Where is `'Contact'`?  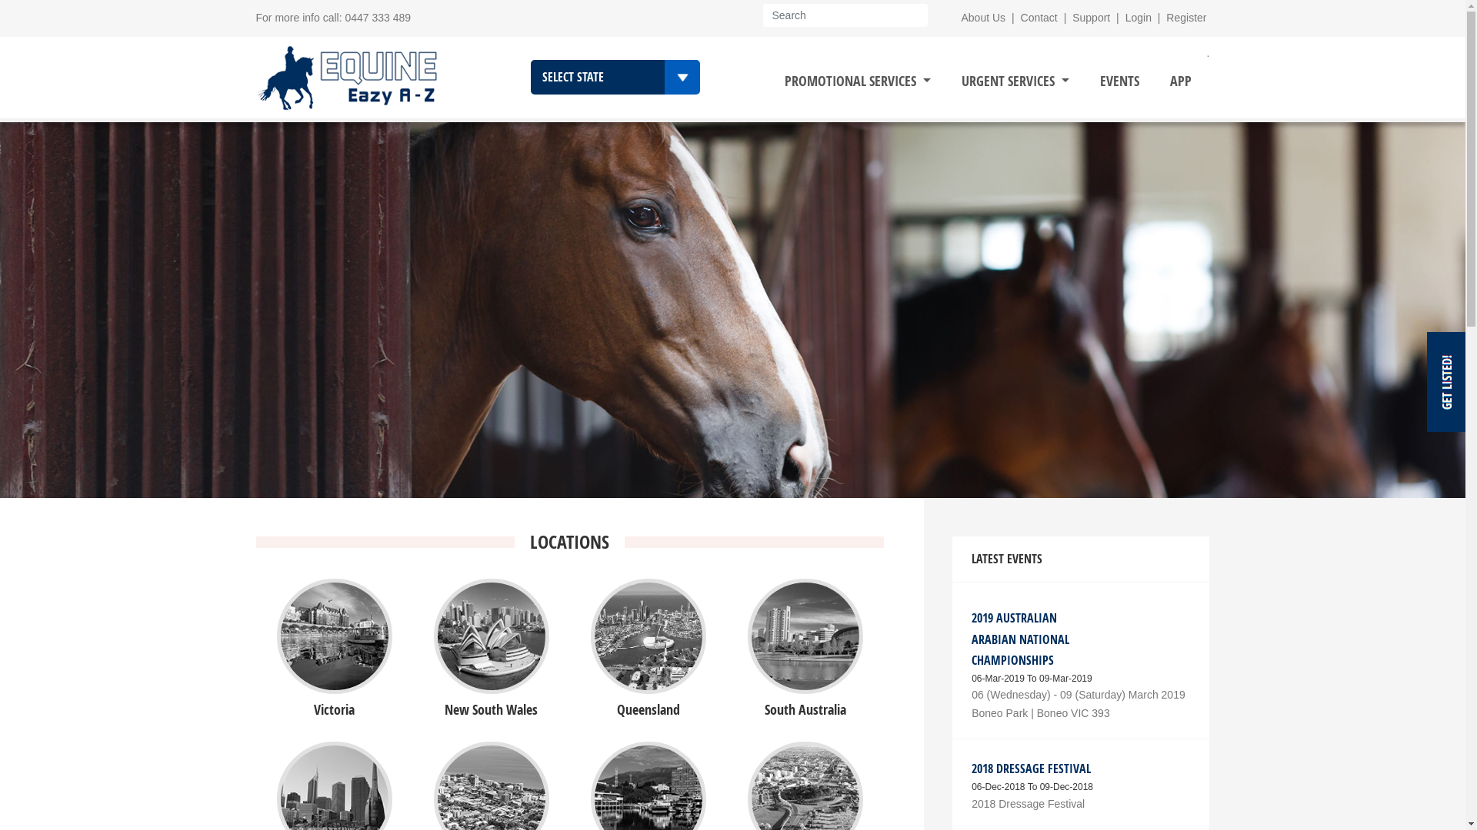
'Contact' is located at coordinates (1039, 18).